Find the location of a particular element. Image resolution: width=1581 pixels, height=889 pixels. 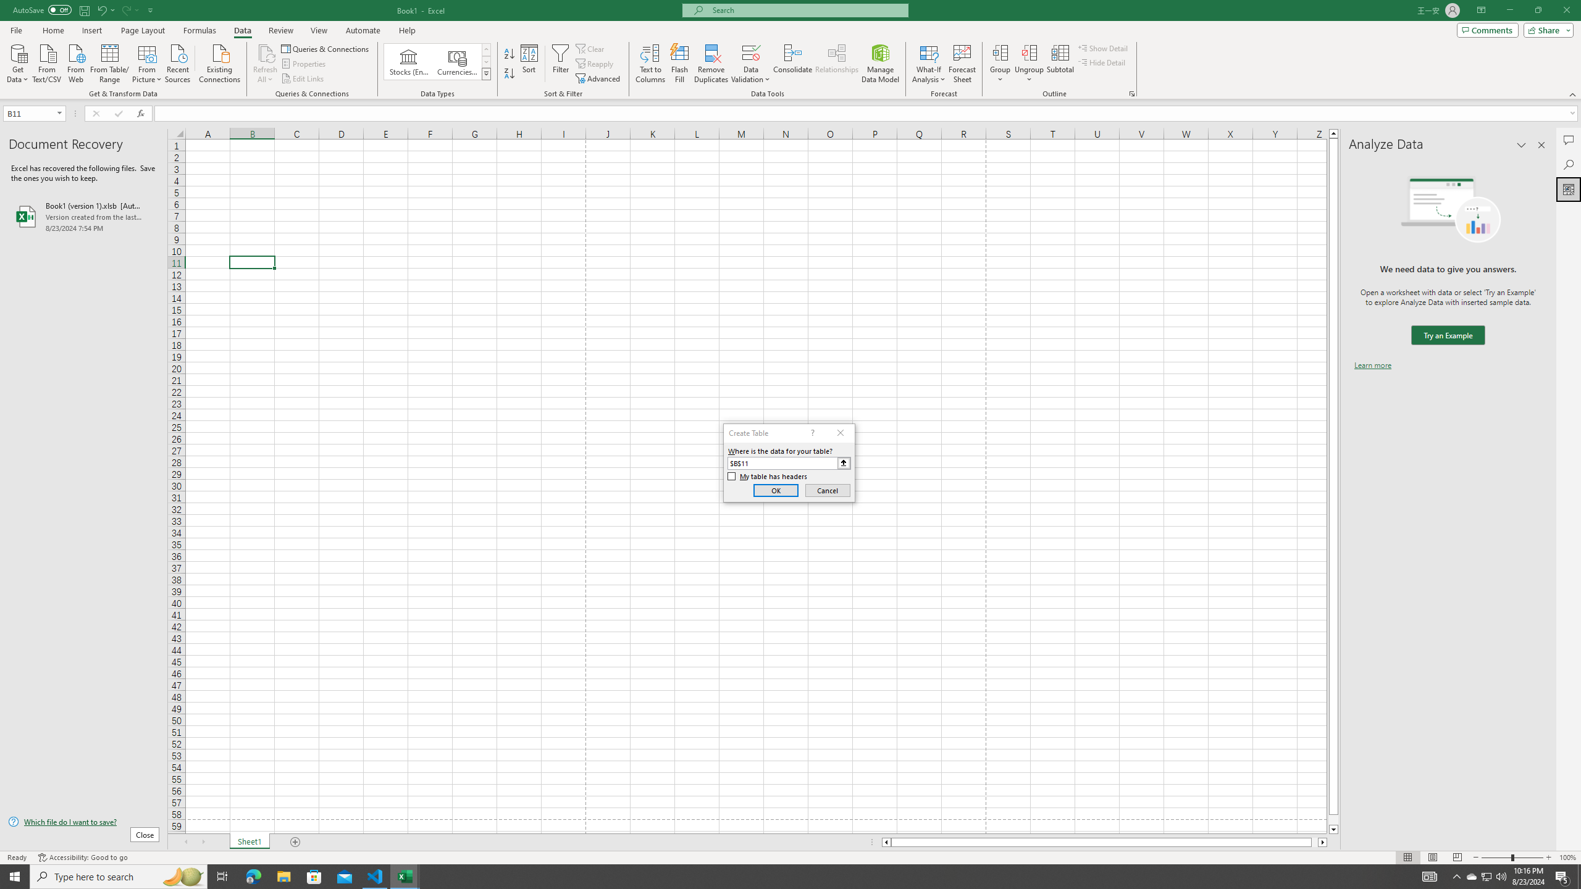

'Consolidate...' is located at coordinates (792, 64).